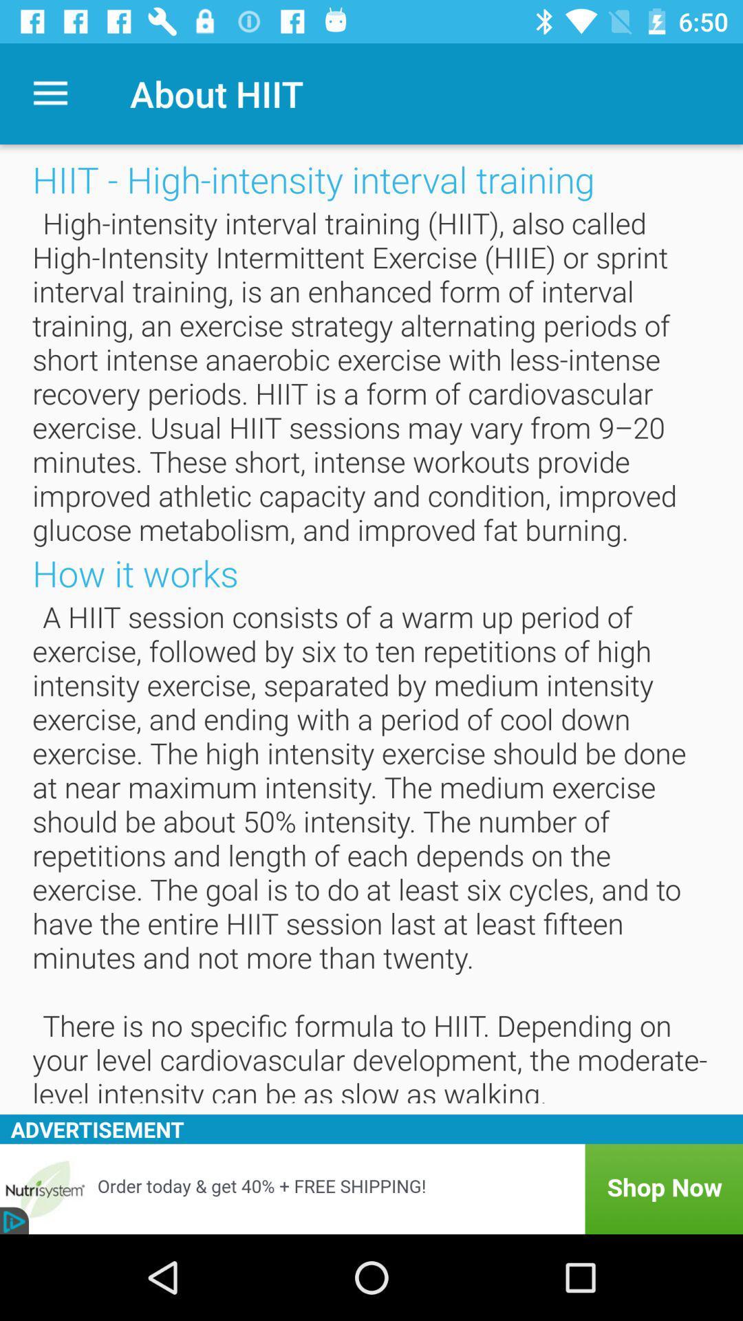  I want to click on advertisement, so click(371, 1188).